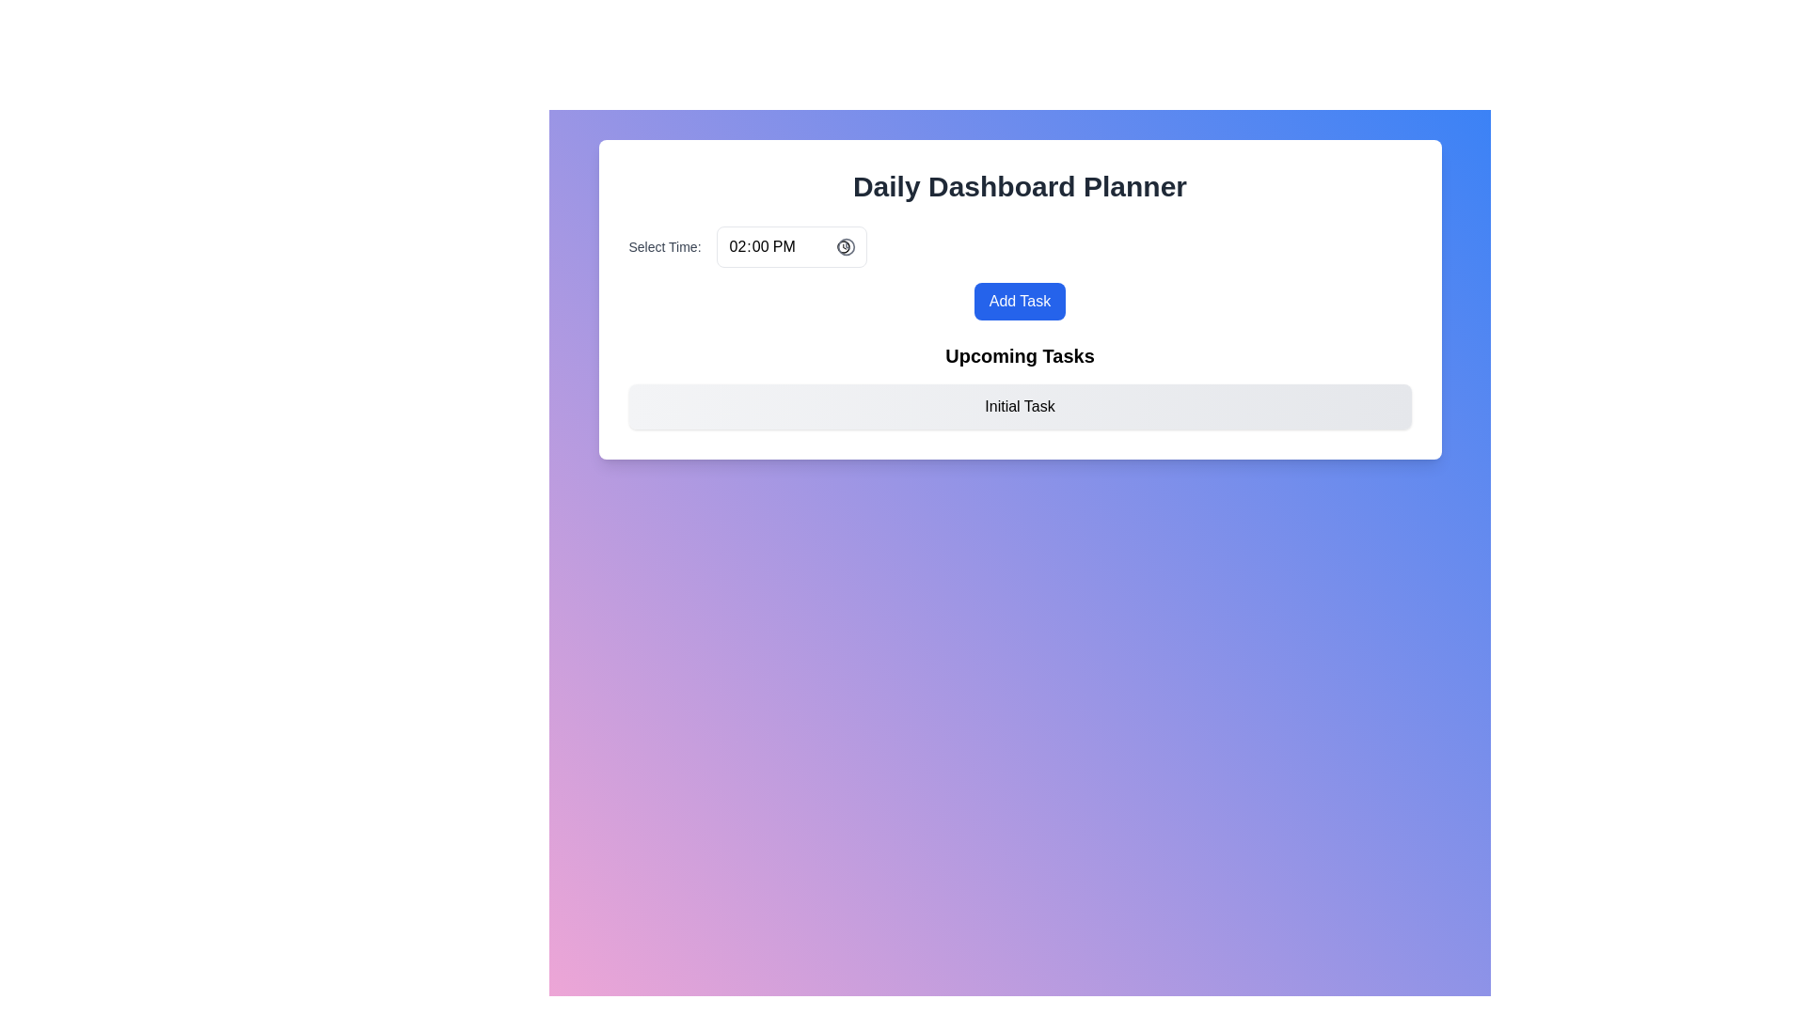  I want to click on the header text label located at the top-central part of the interface, which categorizes the upcoming tasks section, so click(1019, 355).